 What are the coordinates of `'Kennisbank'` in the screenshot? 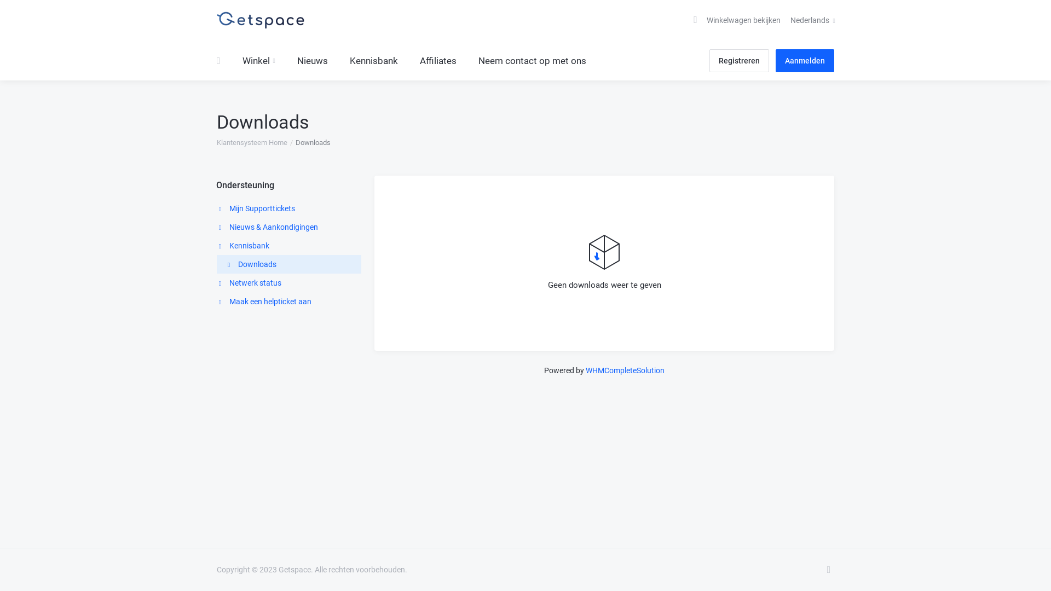 It's located at (289, 245).